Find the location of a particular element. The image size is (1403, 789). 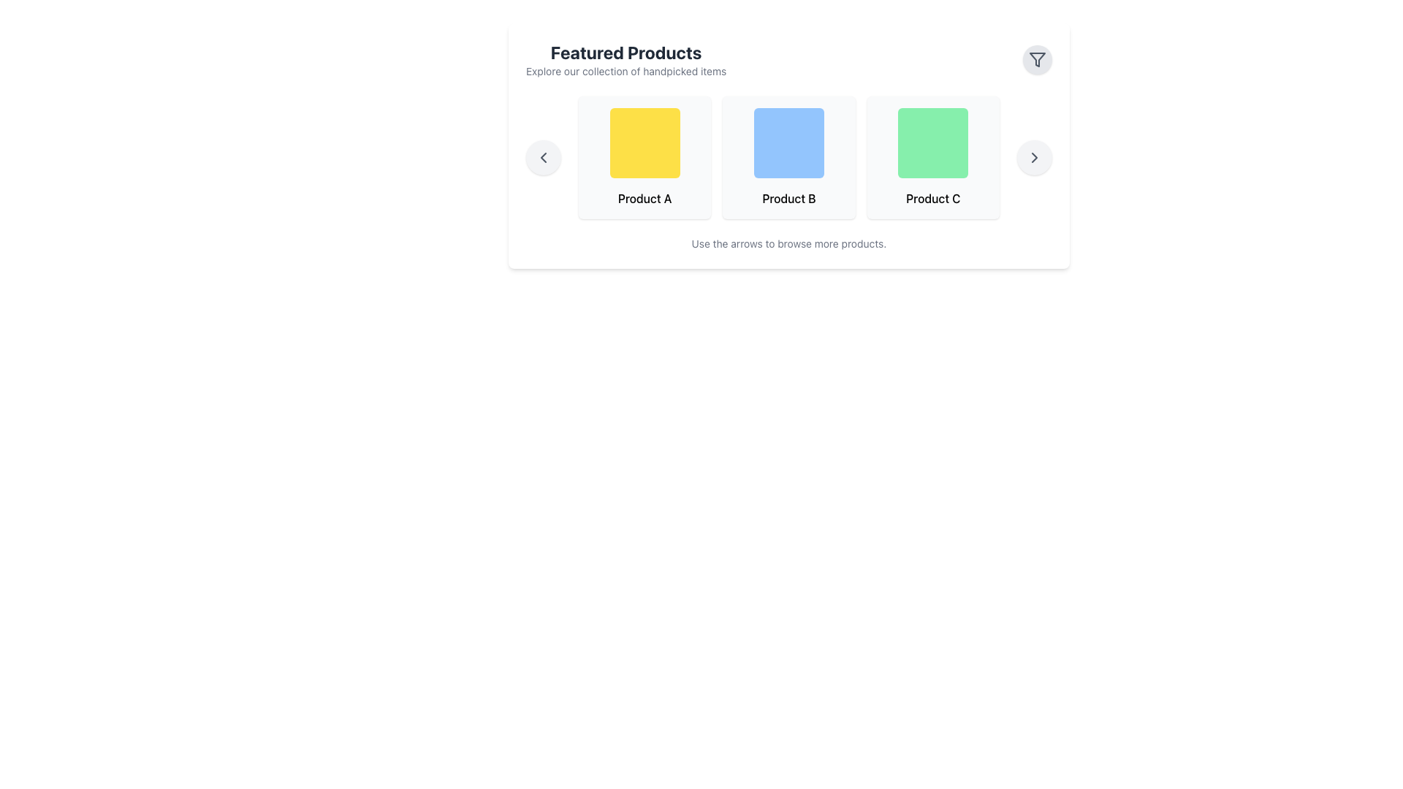

the Grid Layout element located below the 'Featured Products' heading, which displays three product sections labeled 'Product A', 'Product B', and 'Product C' is located at coordinates (788, 158).